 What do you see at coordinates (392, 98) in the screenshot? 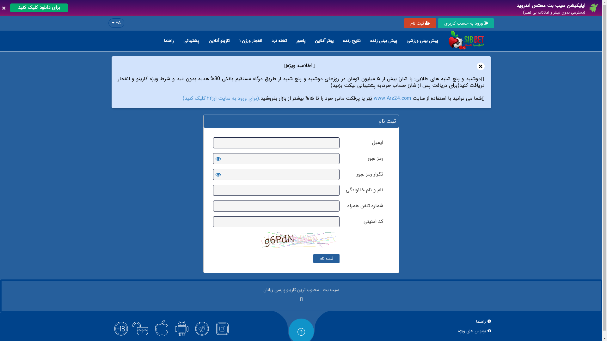
I see `'www.Arz24.com'` at bounding box center [392, 98].